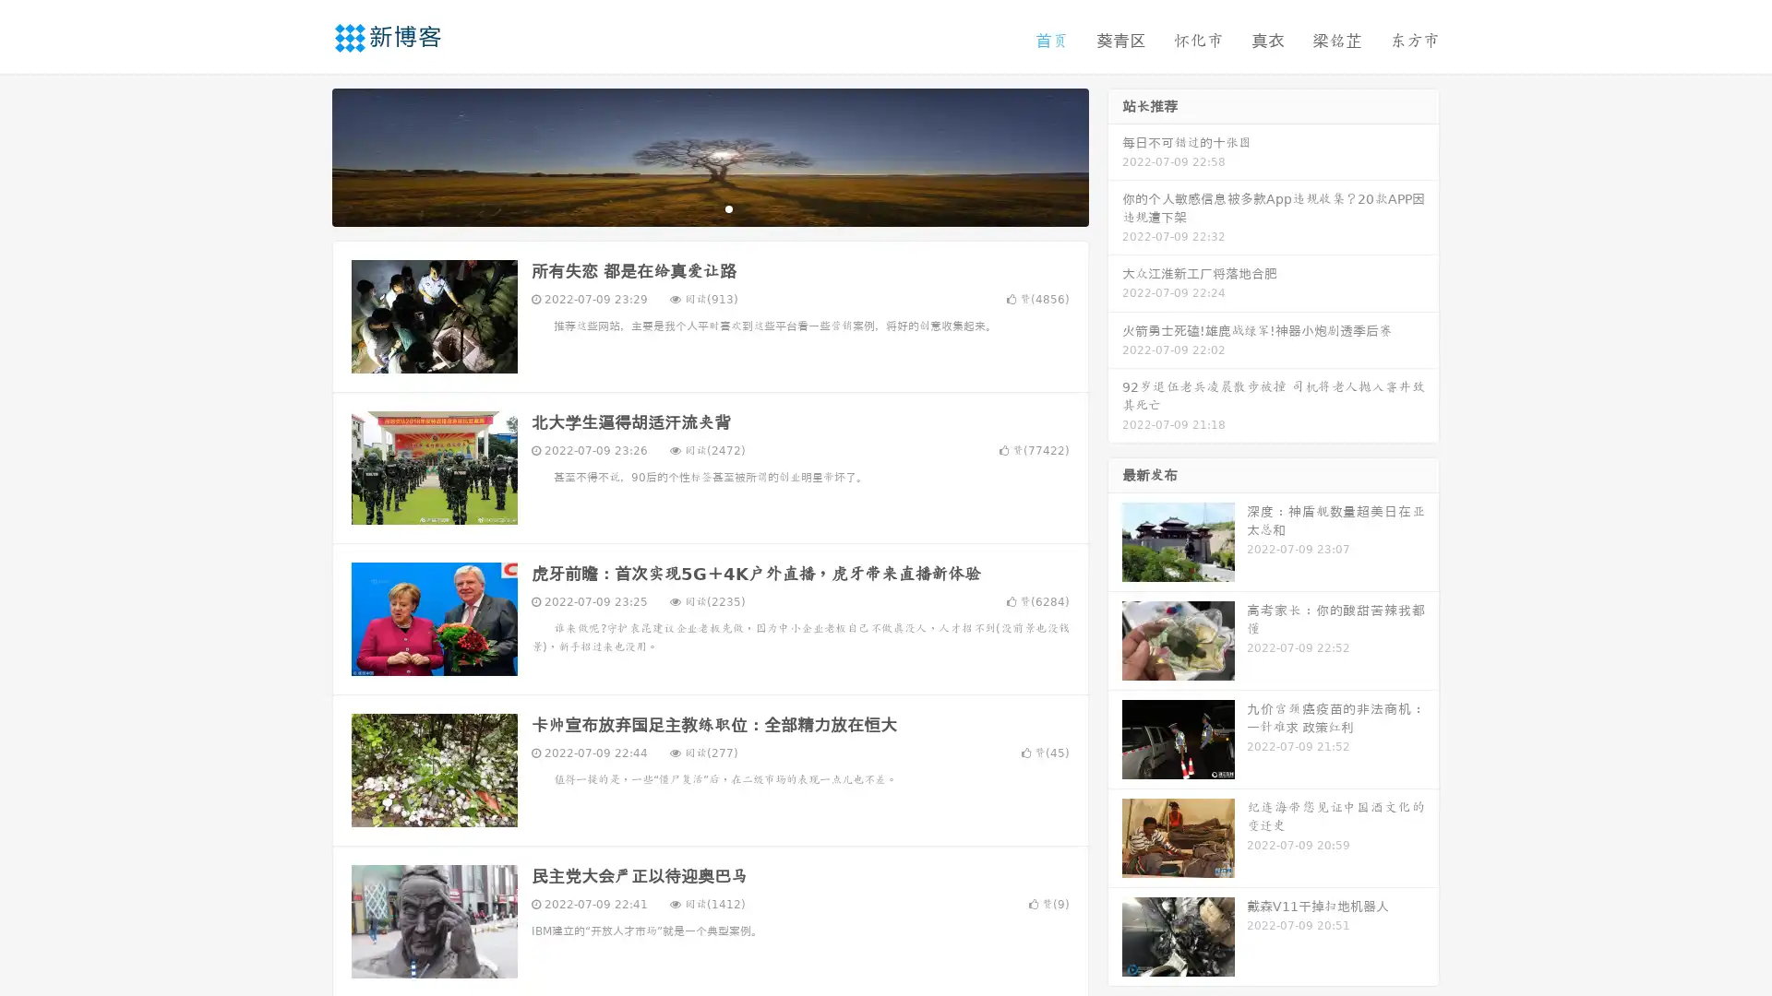  What do you see at coordinates (1115, 155) in the screenshot?
I see `Next slide` at bounding box center [1115, 155].